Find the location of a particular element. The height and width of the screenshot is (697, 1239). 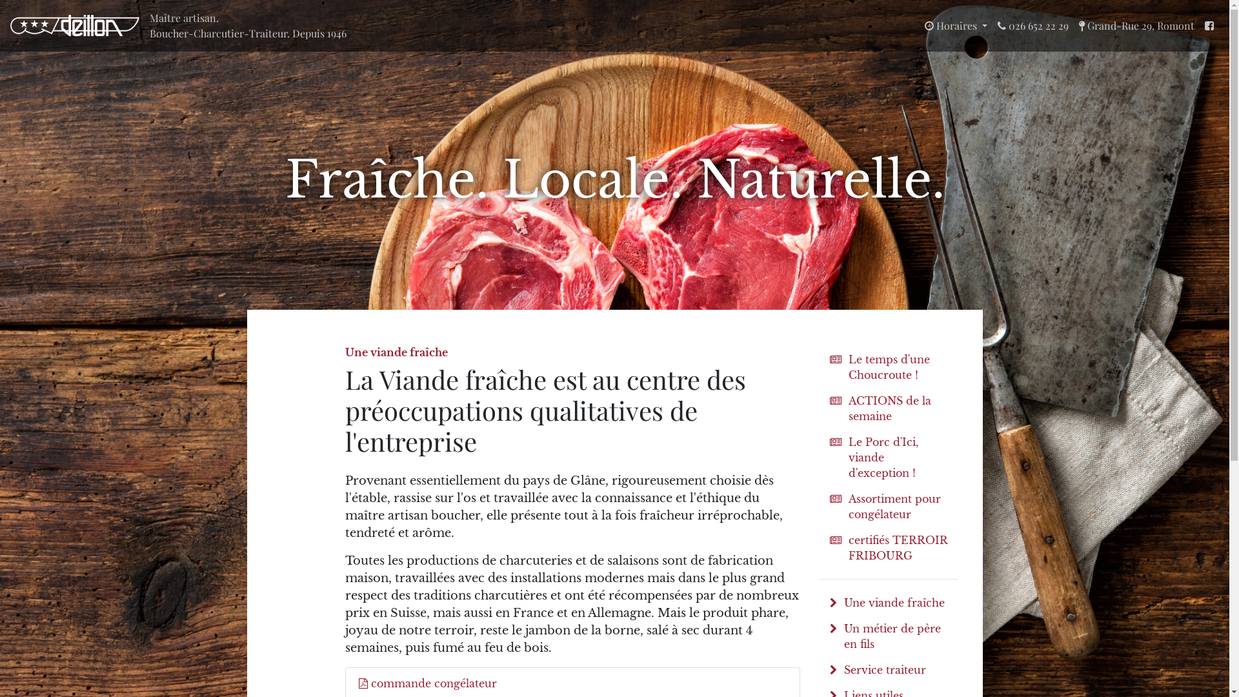

'Horaires' is located at coordinates (956, 25).